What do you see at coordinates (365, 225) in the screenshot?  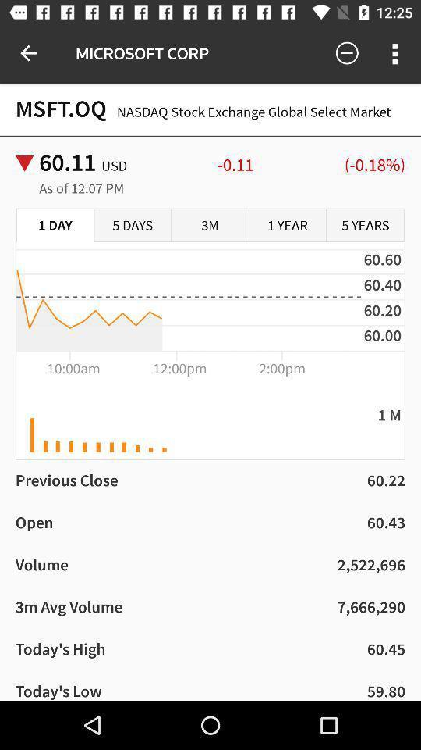 I see `the 5 years` at bounding box center [365, 225].